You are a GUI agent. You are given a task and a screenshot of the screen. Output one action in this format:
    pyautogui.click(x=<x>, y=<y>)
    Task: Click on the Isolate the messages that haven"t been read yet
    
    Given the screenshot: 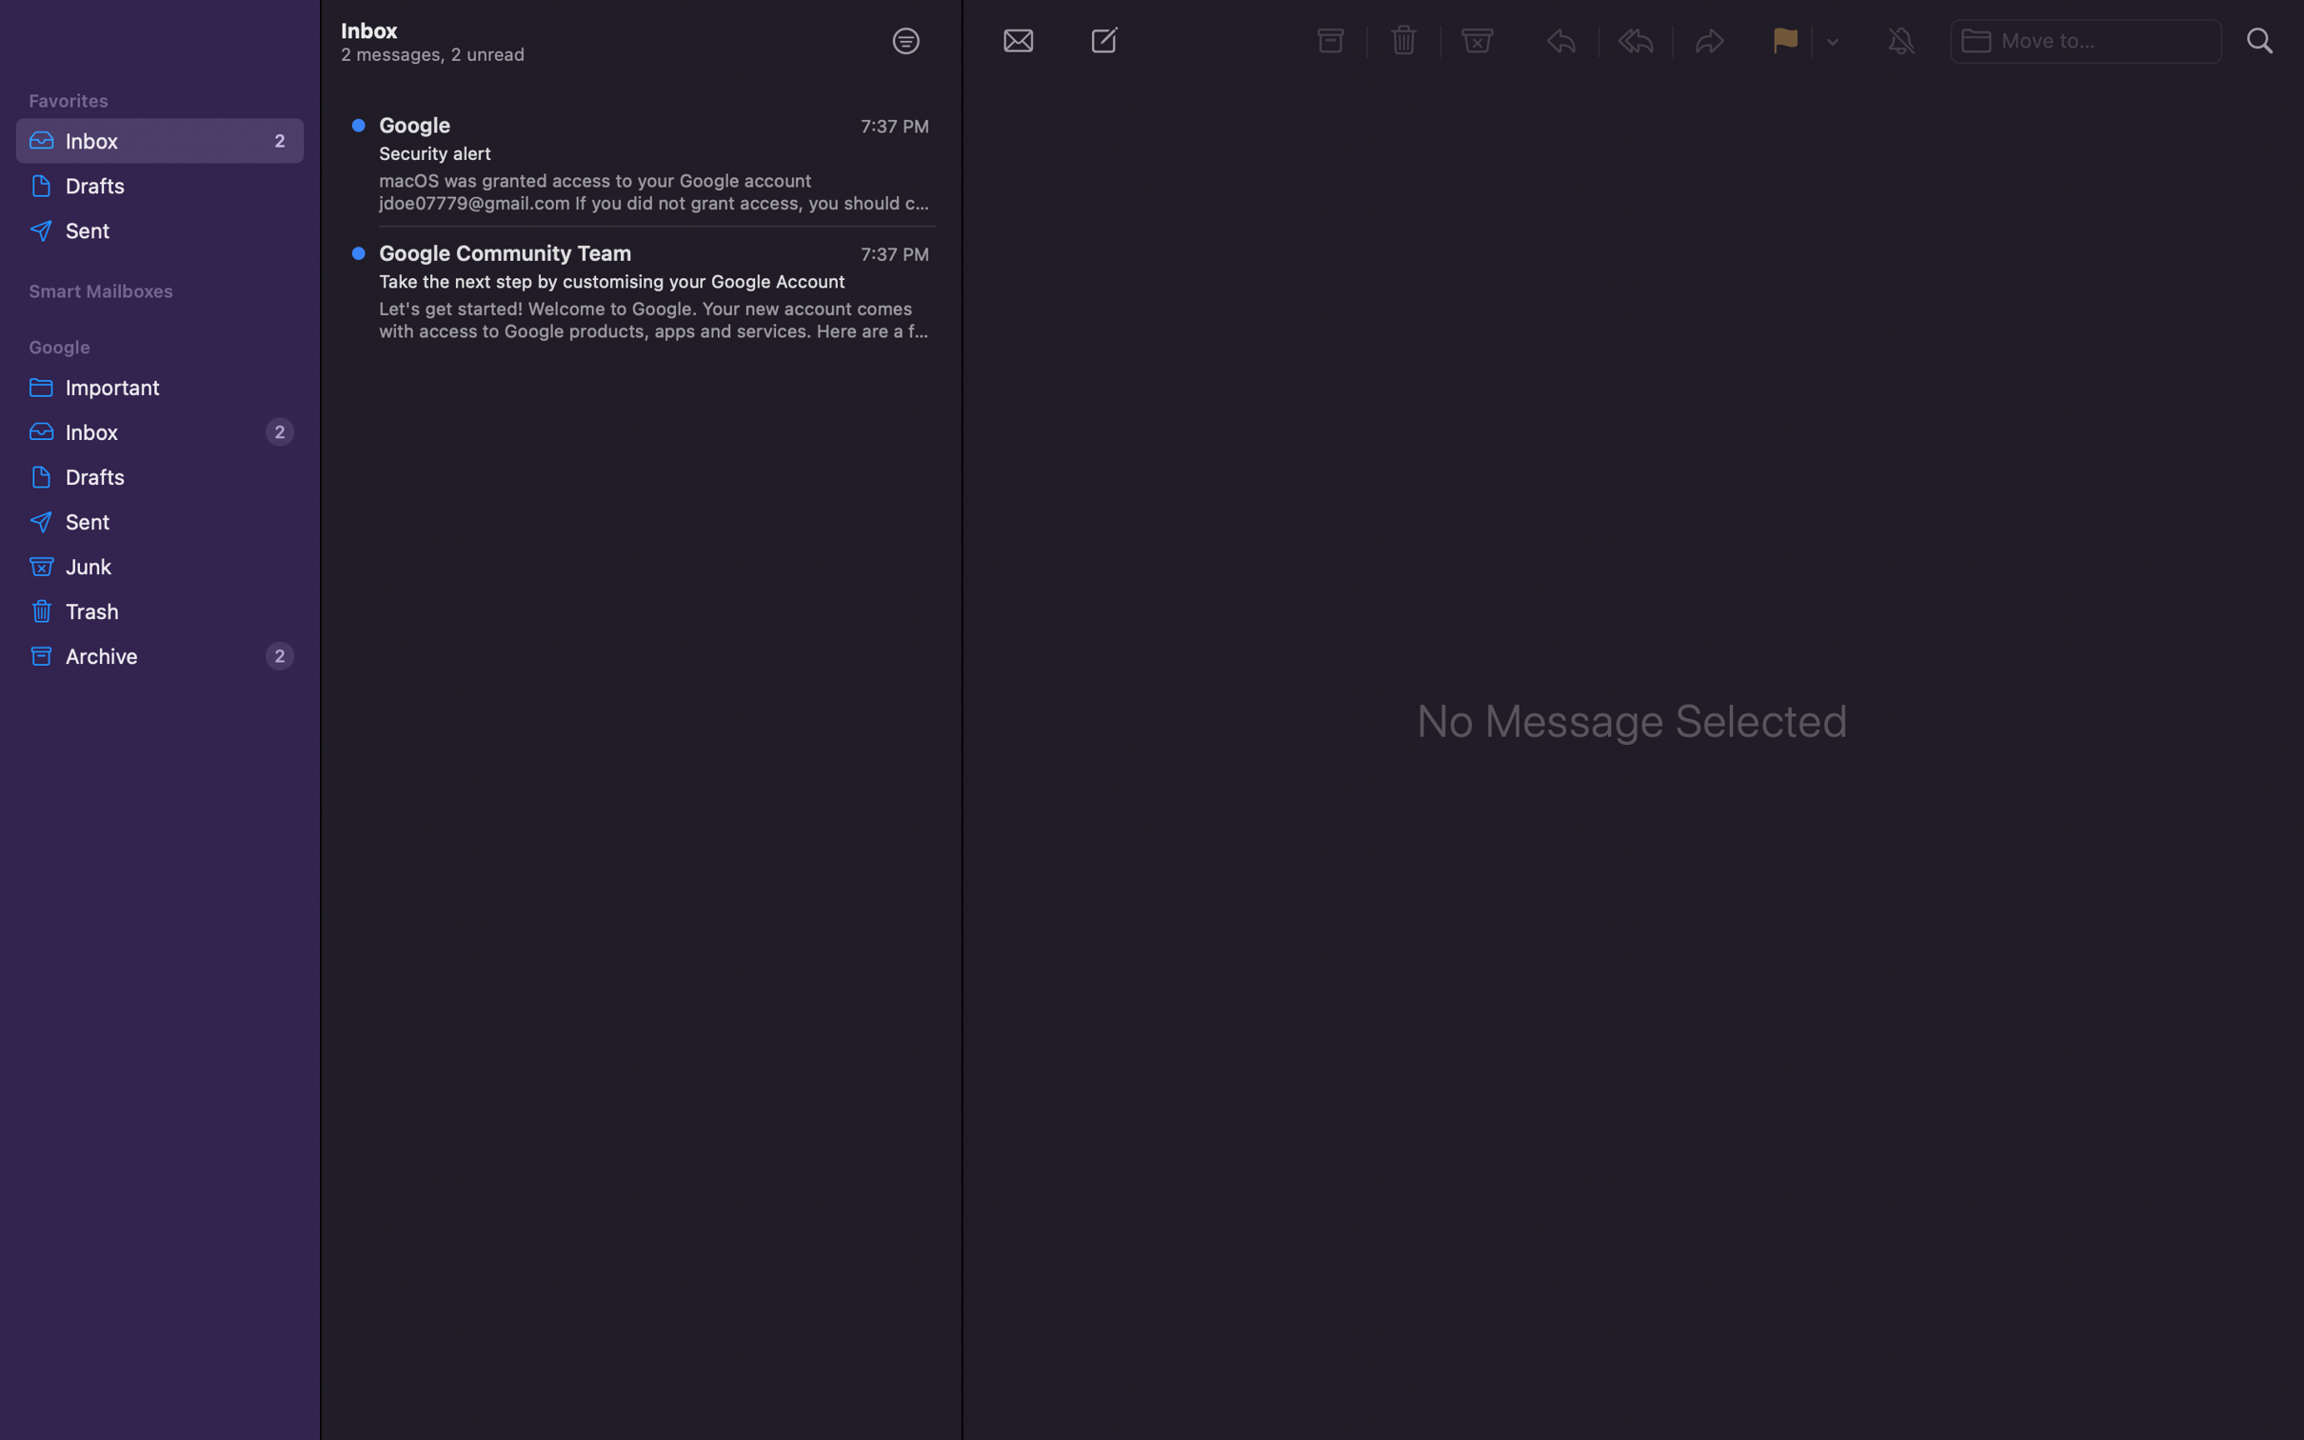 What is the action you would take?
    pyautogui.click(x=904, y=39)
    